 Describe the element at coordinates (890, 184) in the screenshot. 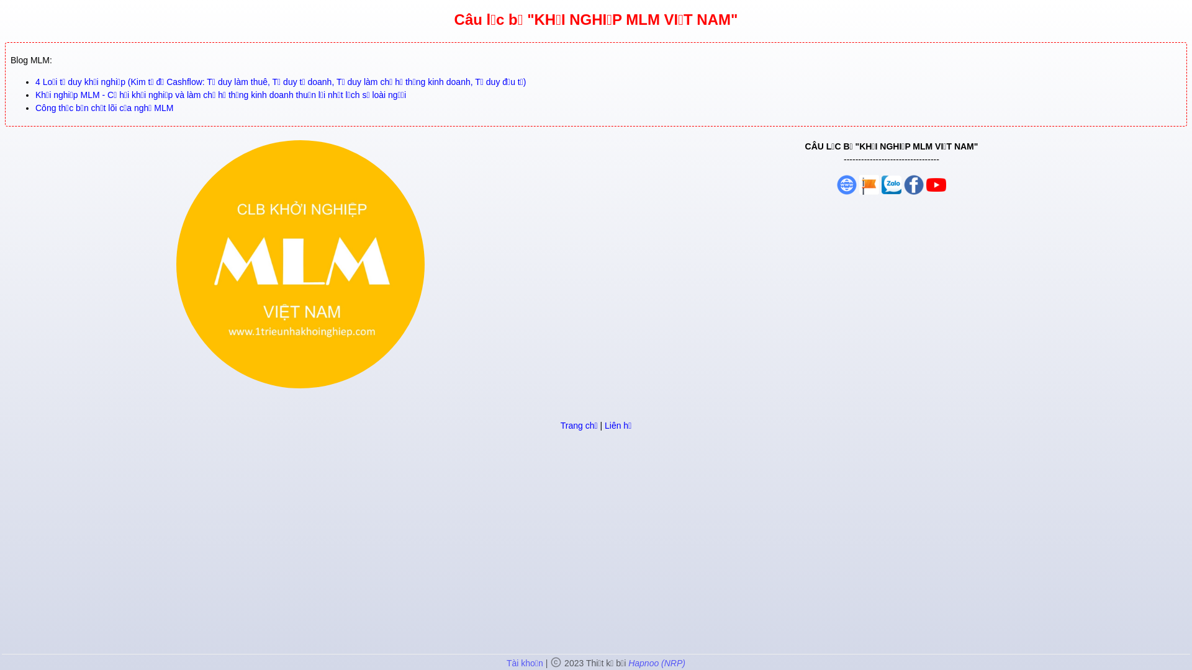

I see `'Group Zalo'` at that location.